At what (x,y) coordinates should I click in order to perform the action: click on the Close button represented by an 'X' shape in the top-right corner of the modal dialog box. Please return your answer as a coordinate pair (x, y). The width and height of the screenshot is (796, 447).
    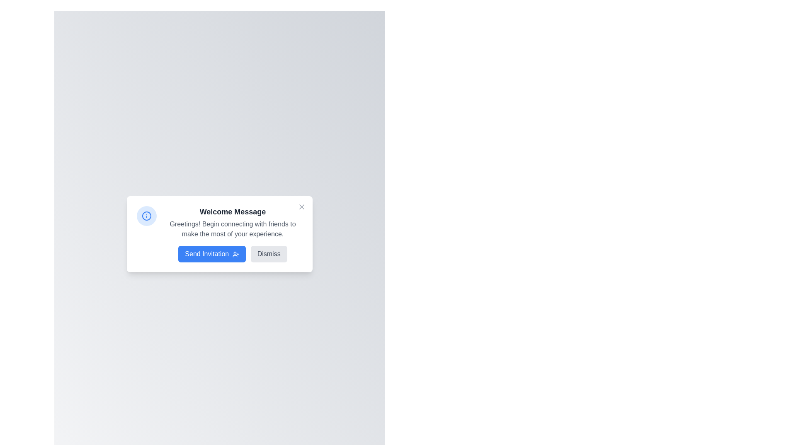
    Looking at the image, I should click on (301, 207).